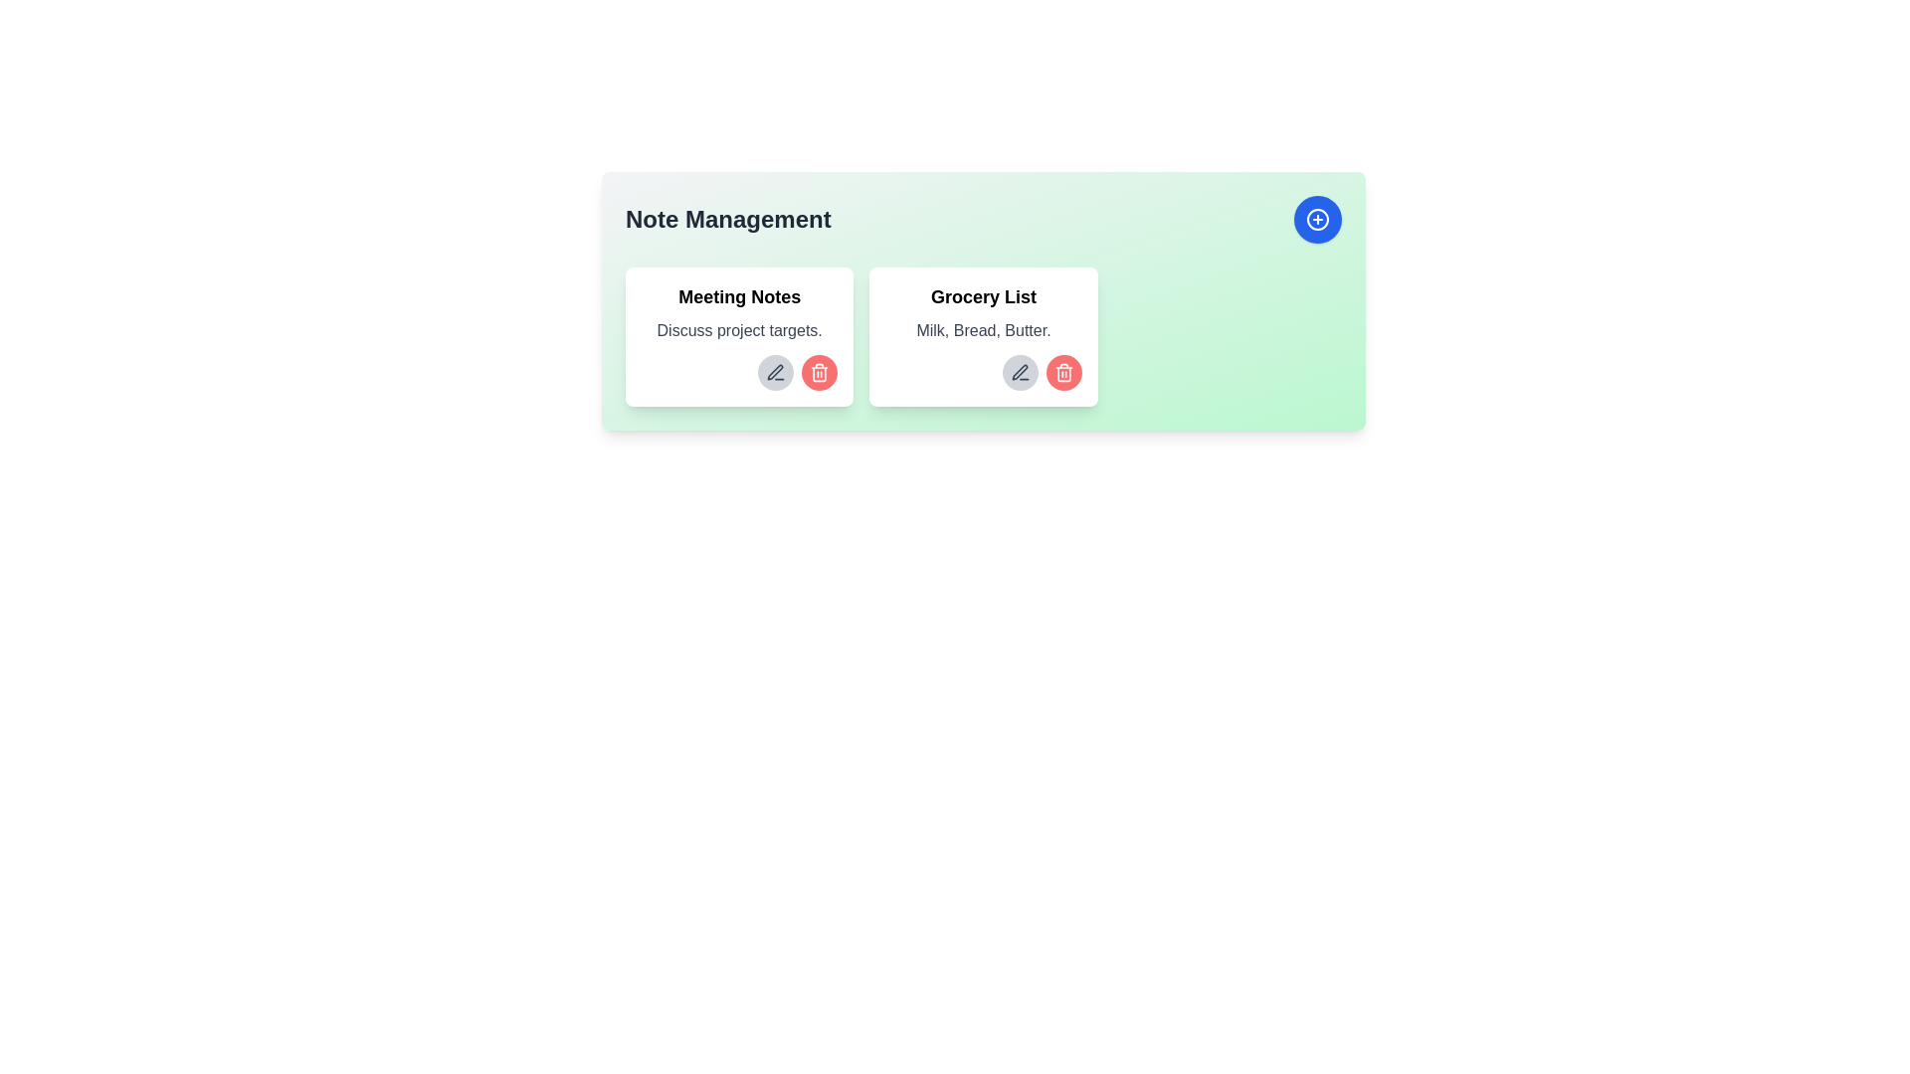 Image resolution: width=1910 pixels, height=1074 pixels. I want to click on the gray pen icon within the circular button located in the second card under 'Grocery List', so click(775, 372).